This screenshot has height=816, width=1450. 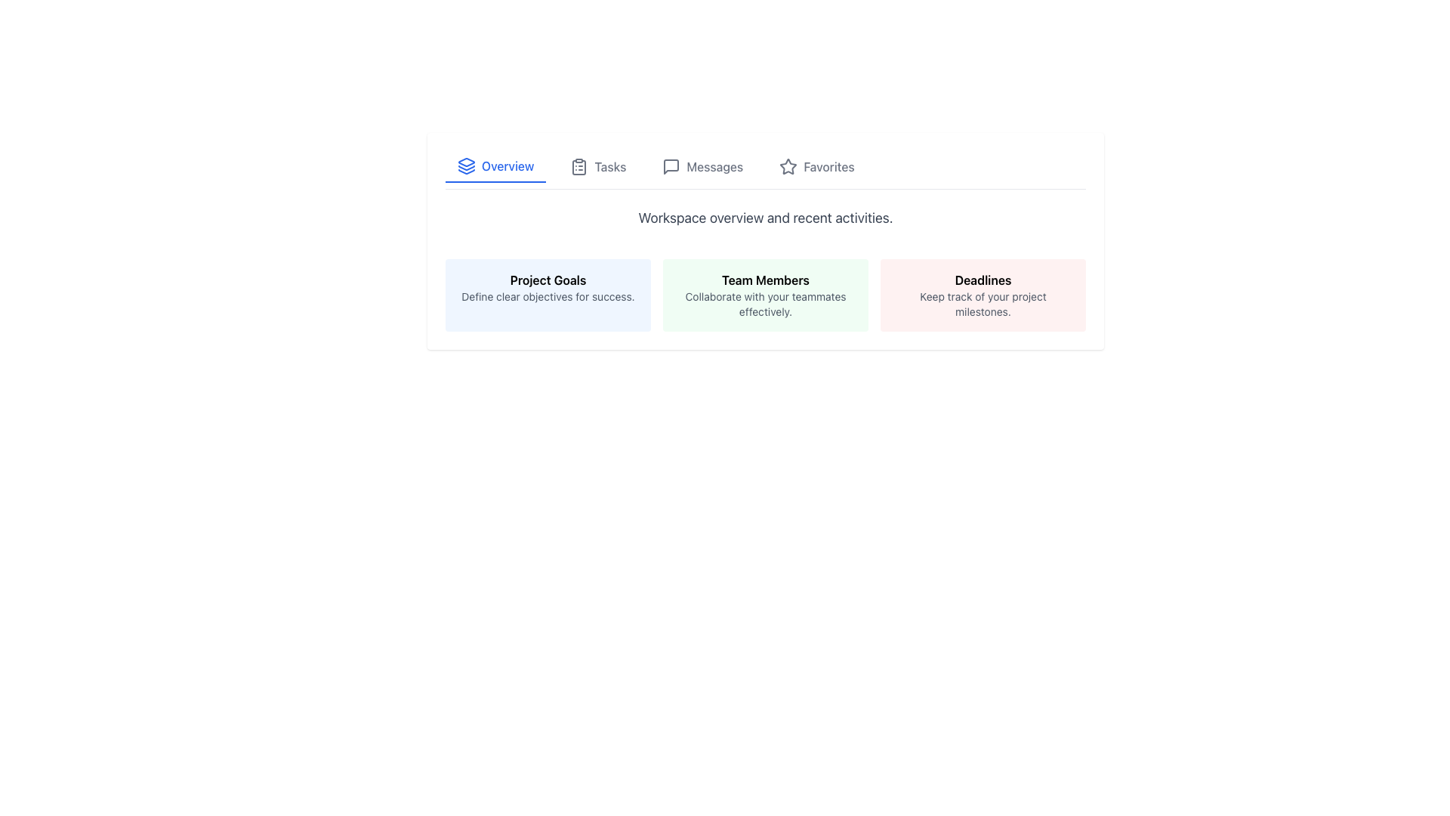 I want to click on the Icon Layer element, which is the second of three layers in a stack-like design located in the top navigation bar to the left of the 'Overview' label, so click(x=466, y=168).